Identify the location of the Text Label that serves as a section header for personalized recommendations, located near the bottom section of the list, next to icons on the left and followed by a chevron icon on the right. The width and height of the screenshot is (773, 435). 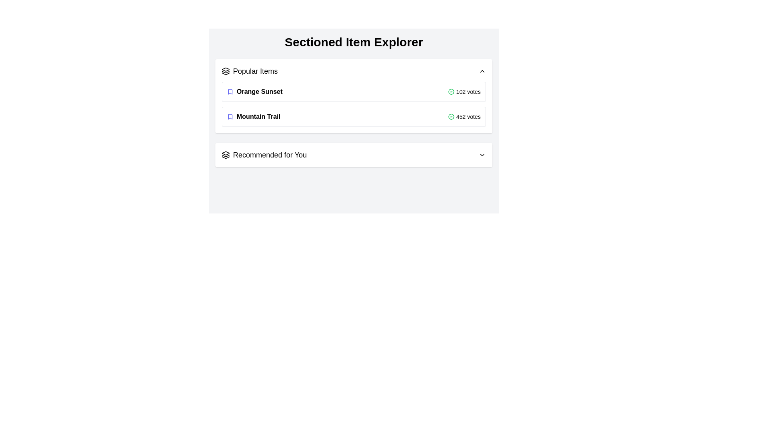
(264, 155).